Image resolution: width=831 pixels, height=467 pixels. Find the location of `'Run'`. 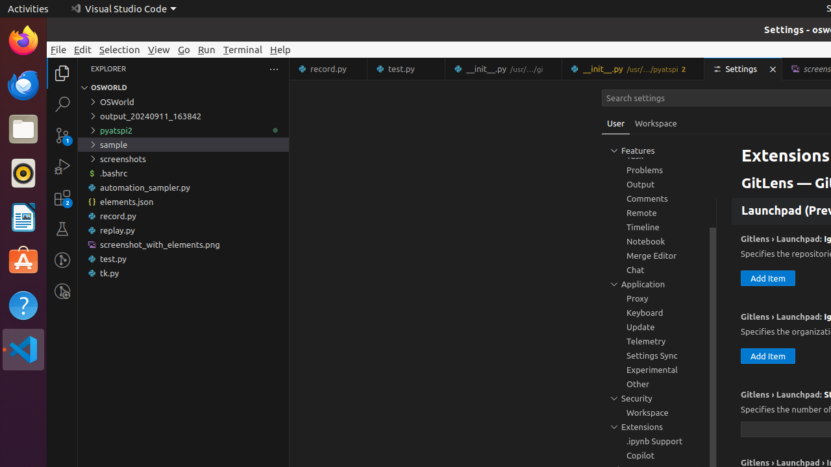

'Run' is located at coordinates (206, 49).